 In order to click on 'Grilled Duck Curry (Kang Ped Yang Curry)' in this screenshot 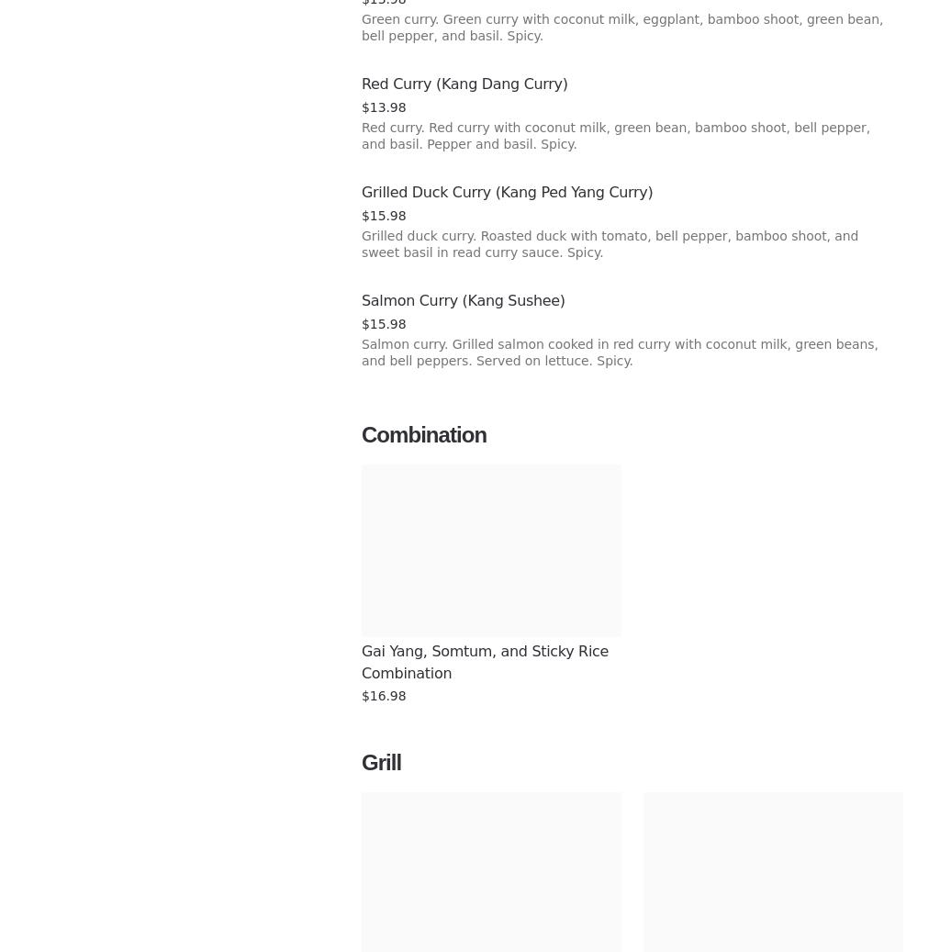, I will do `click(507, 191)`.